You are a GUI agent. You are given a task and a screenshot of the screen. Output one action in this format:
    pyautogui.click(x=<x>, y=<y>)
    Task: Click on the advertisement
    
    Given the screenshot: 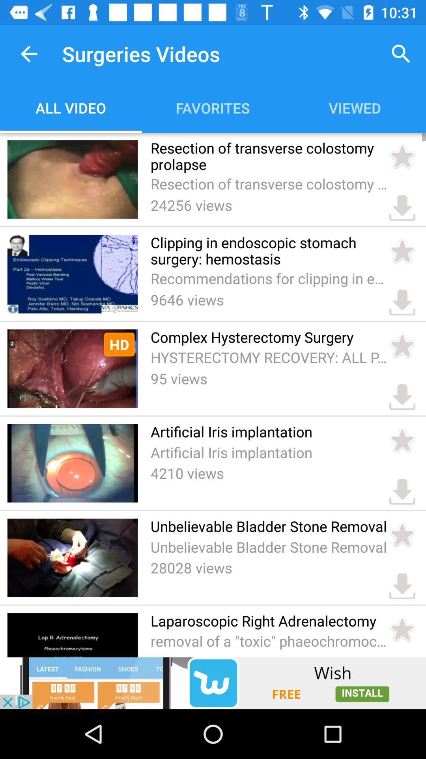 What is the action you would take?
    pyautogui.click(x=213, y=683)
    